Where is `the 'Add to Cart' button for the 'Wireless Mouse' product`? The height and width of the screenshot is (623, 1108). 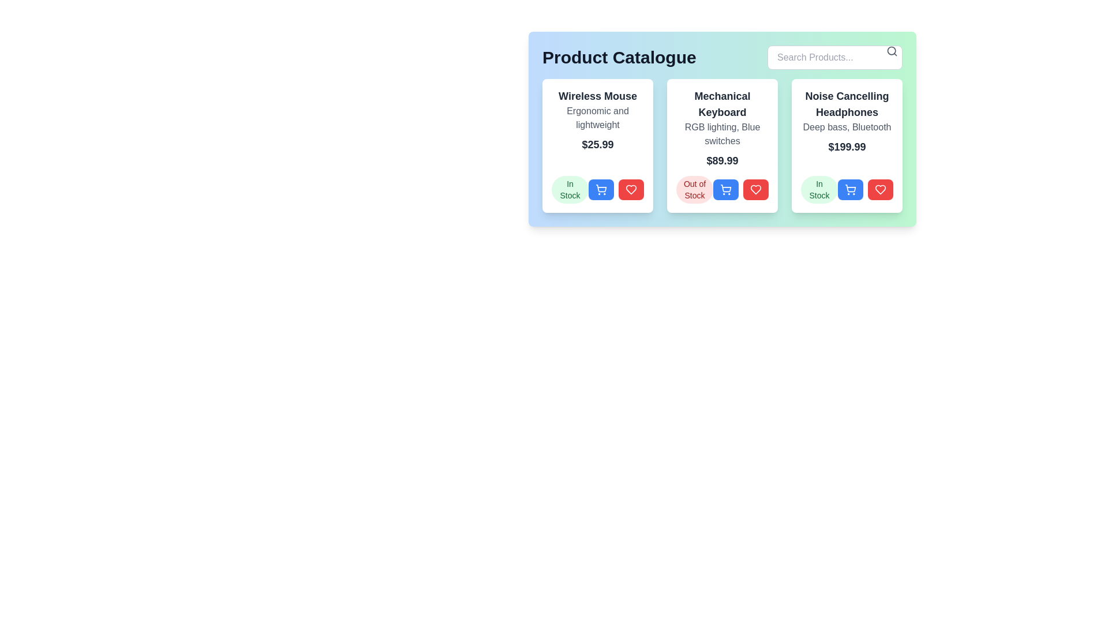 the 'Add to Cart' button for the 'Wireless Mouse' product is located at coordinates (598, 189).